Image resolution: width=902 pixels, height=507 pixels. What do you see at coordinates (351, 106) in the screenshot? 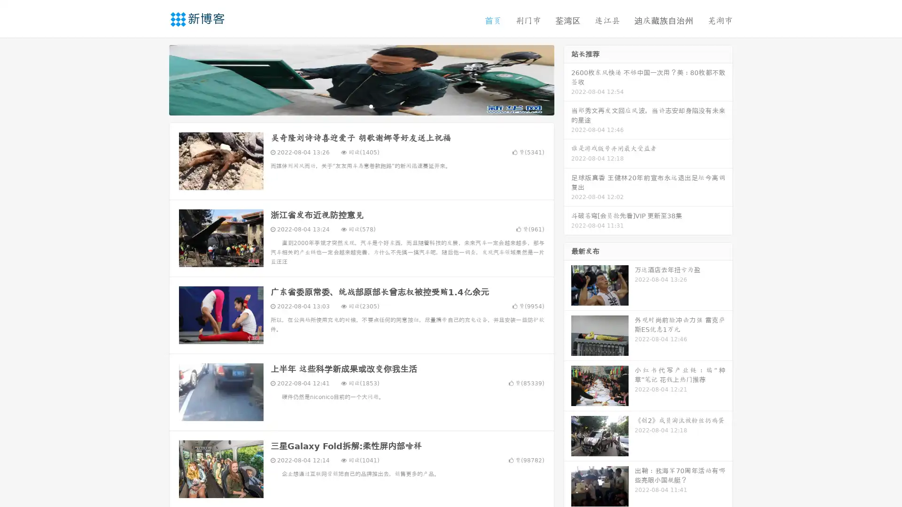
I see `Go to slide 1` at bounding box center [351, 106].